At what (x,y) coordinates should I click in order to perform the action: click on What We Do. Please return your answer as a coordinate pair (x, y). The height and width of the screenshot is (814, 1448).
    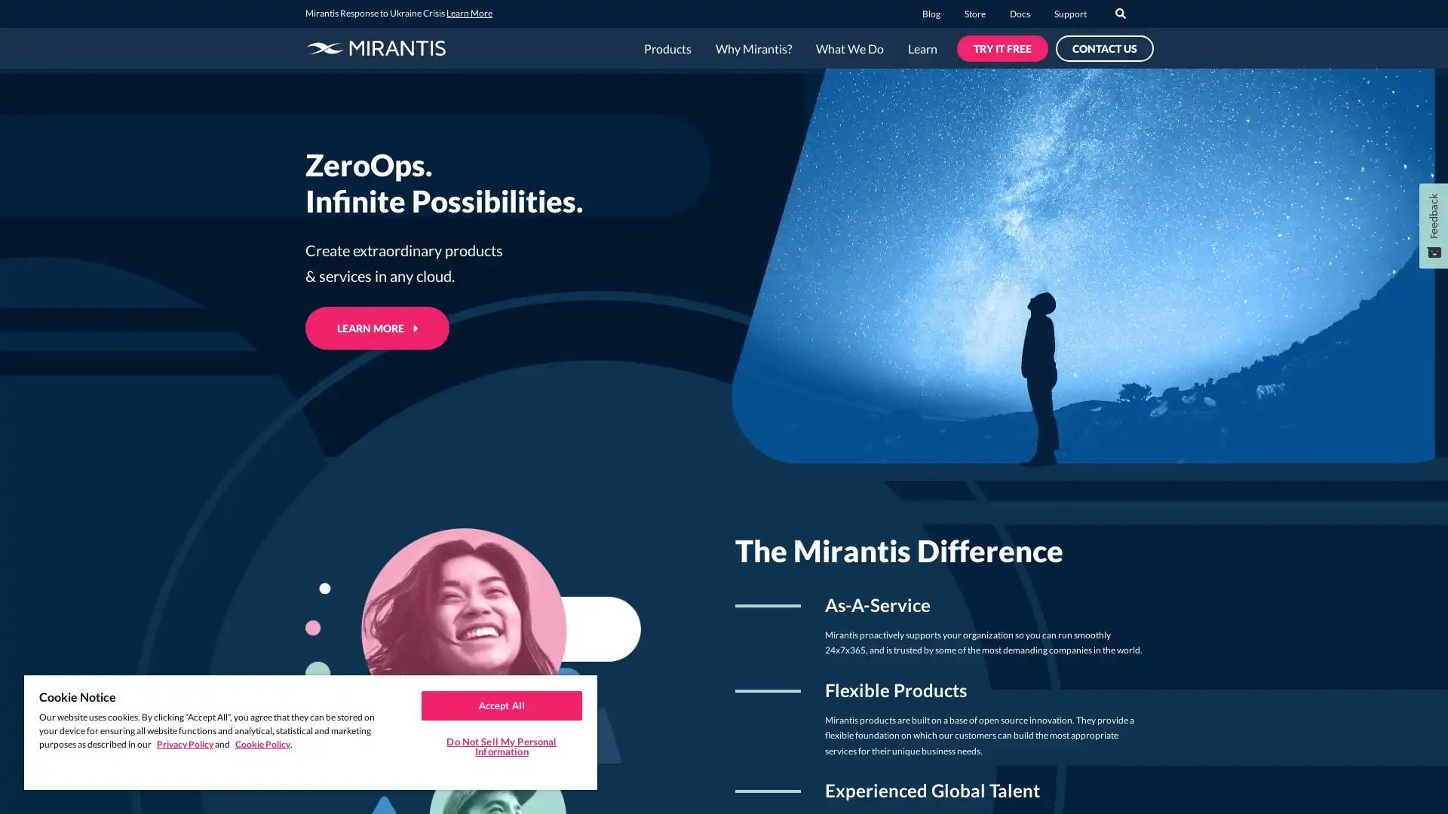
    Looking at the image, I should click on (850, 48).